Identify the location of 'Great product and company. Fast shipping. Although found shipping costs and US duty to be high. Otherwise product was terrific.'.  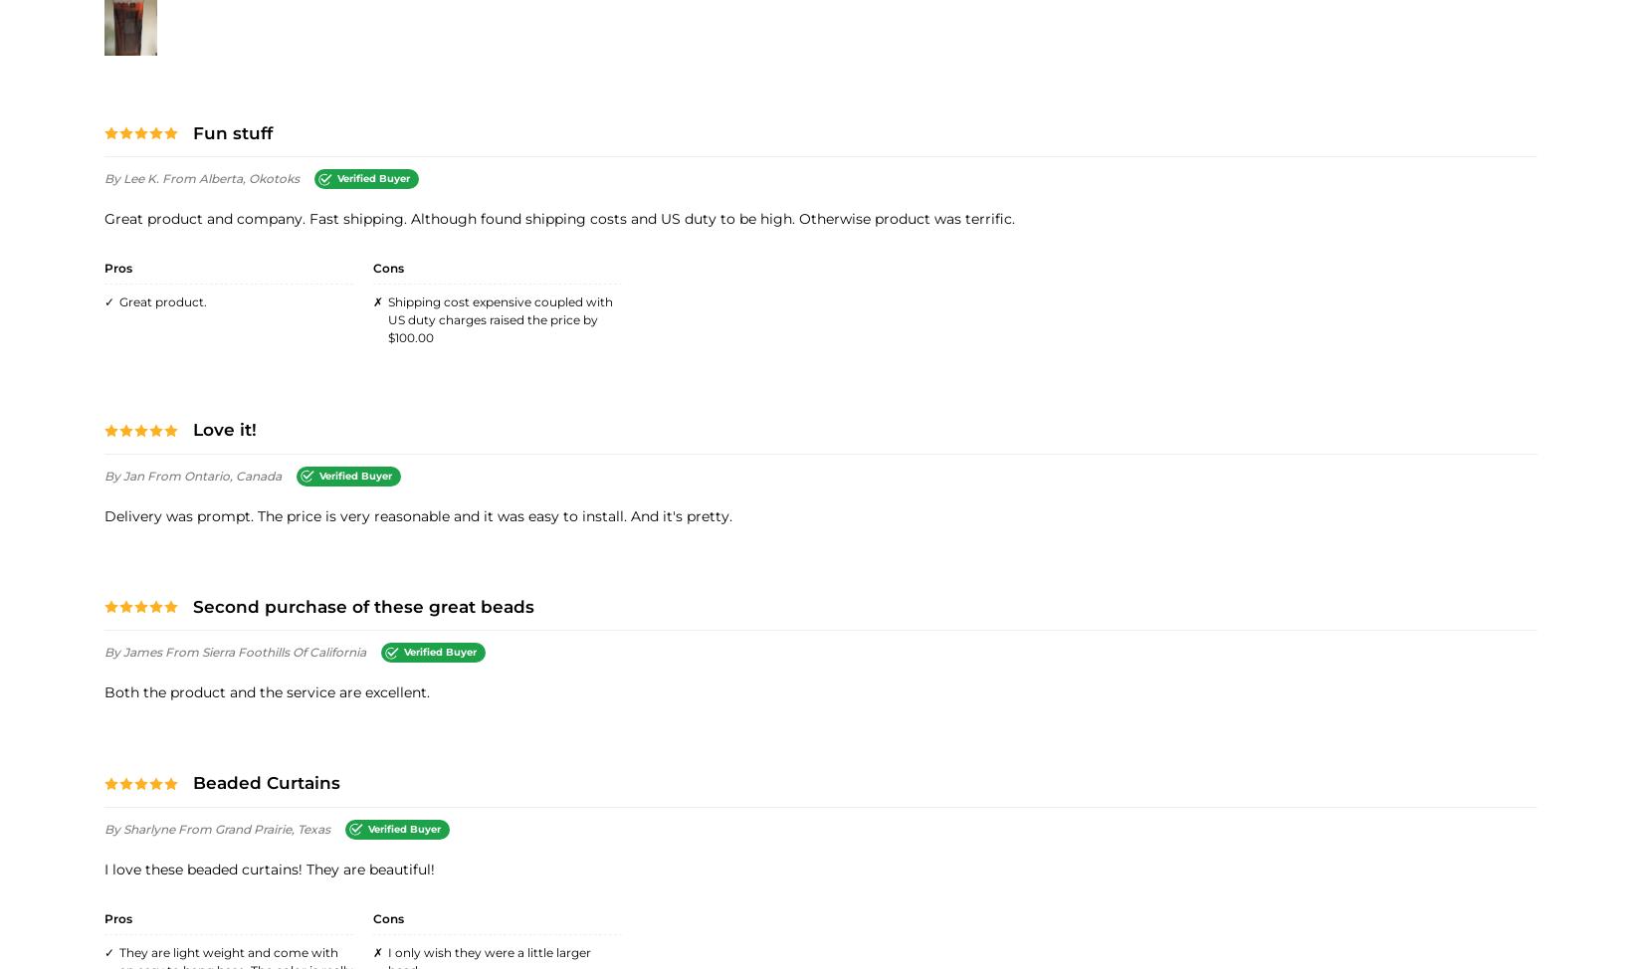
(558, 219).